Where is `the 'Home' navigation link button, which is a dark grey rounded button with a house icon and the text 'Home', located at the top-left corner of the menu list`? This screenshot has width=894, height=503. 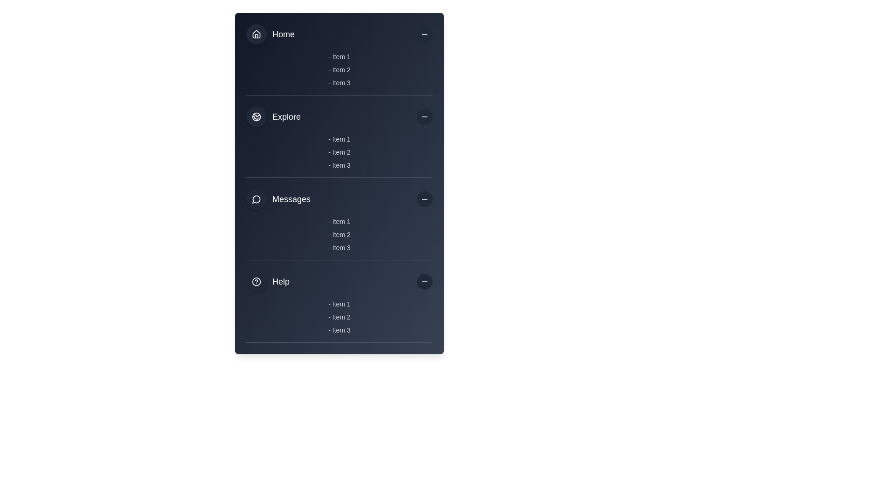 the 'Home' navigation link button, which is a dark grey rounded button with a house icon and the text 'Home', located at the top-left corner of the menu list is located at coordinates (270, 34).